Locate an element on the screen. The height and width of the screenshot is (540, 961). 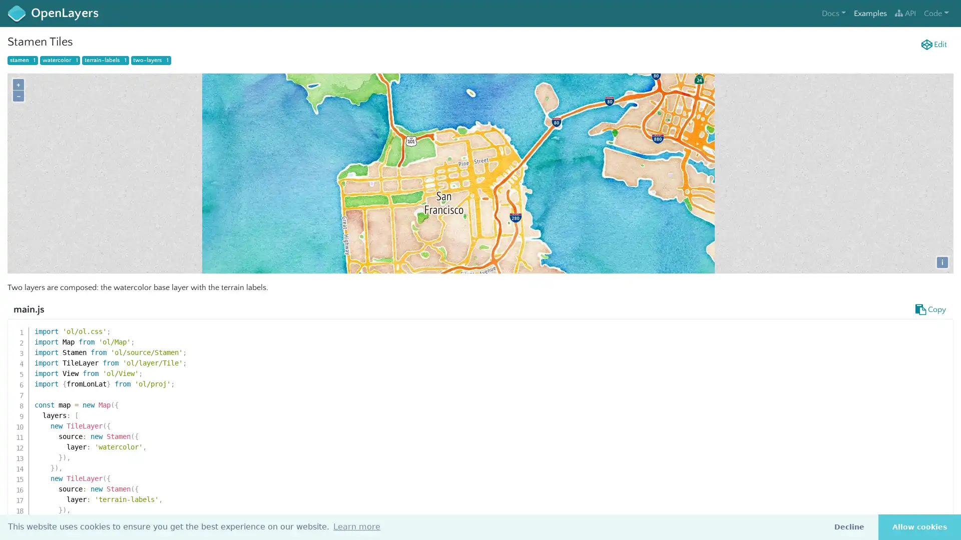
learn more about cookies is located at coordinates (357, 526).